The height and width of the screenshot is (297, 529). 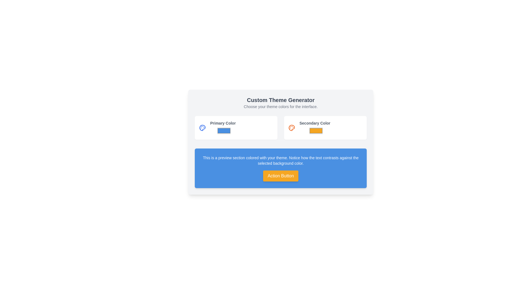 I want to click on the vibrant orange-colored palette icon situated inside the white card labeled 'Secondary Color', positioned at the top-center of the interface, adjacent to the color picker, so click(x=292, y=128).